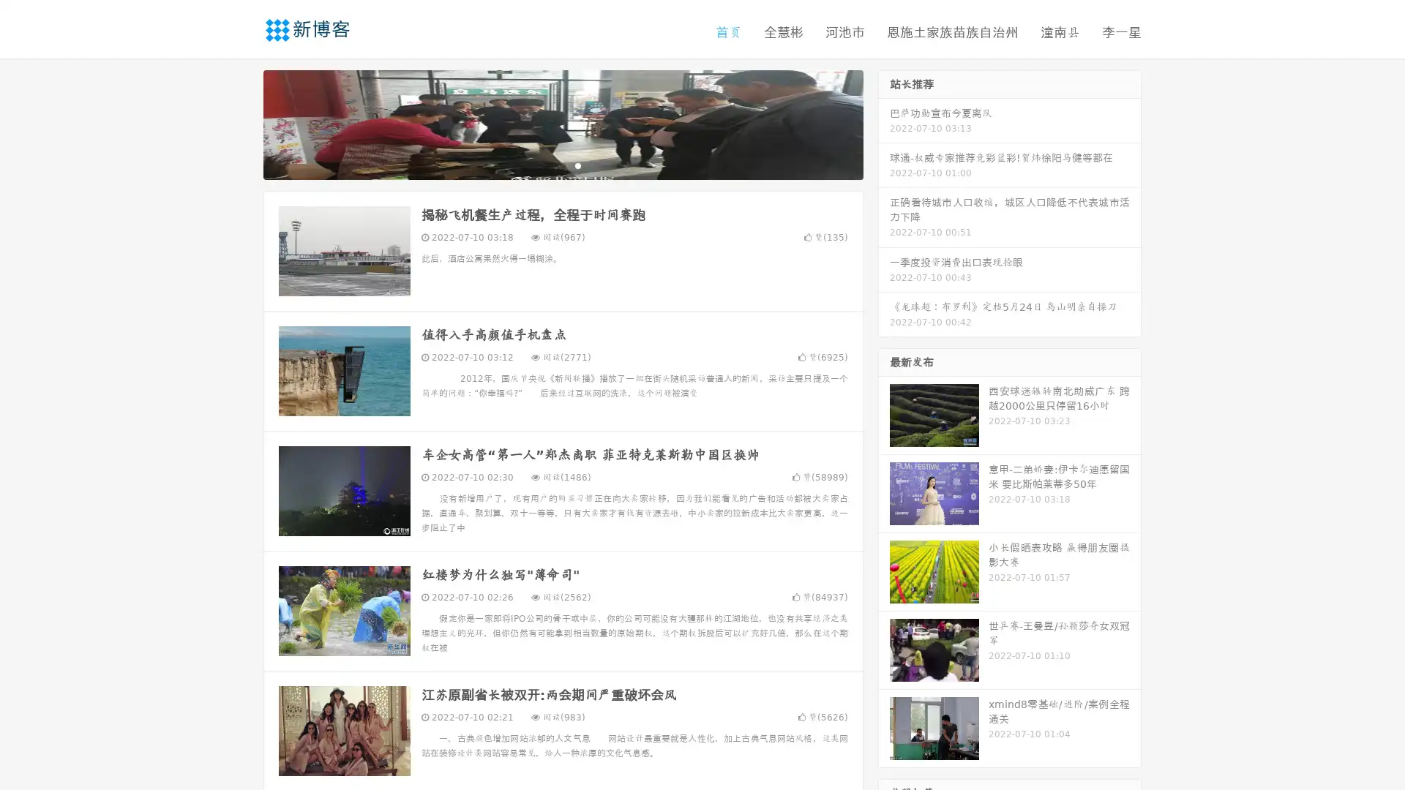 The height and width of the screenshot is (790, 1405). Describe the element at coordinates (241, 123) in the screenshot. I see `Previous slide` at that location.